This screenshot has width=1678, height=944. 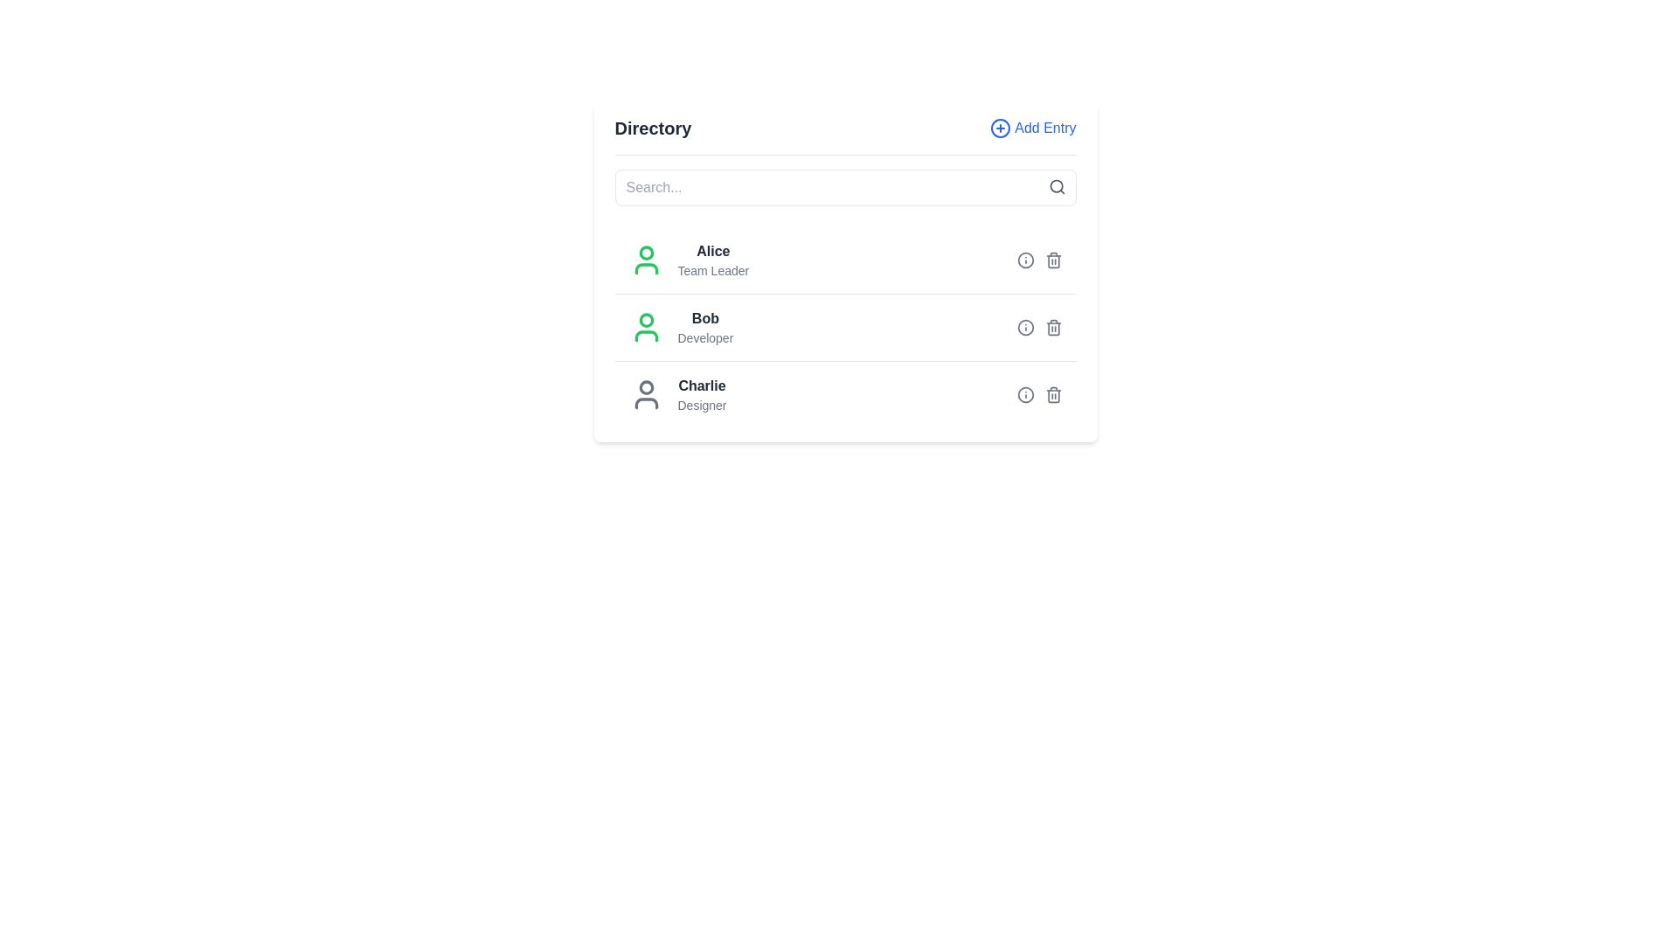 What do you see at coordinates (1056, 186) in the screenshot?
I see `the search icon located to the right of the search input field` at bounding box center [1056, 186].